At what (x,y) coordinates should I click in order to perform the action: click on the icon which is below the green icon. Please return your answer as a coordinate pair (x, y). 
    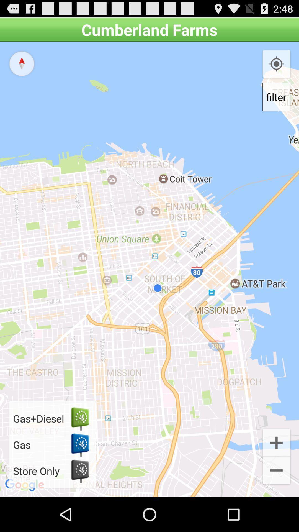
    Looking at the image, I should click on (80, 444).